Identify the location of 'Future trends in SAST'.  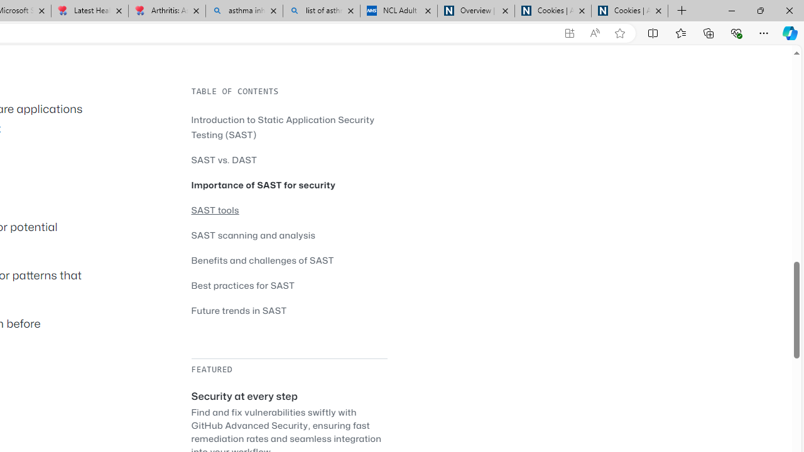
(239, 310).